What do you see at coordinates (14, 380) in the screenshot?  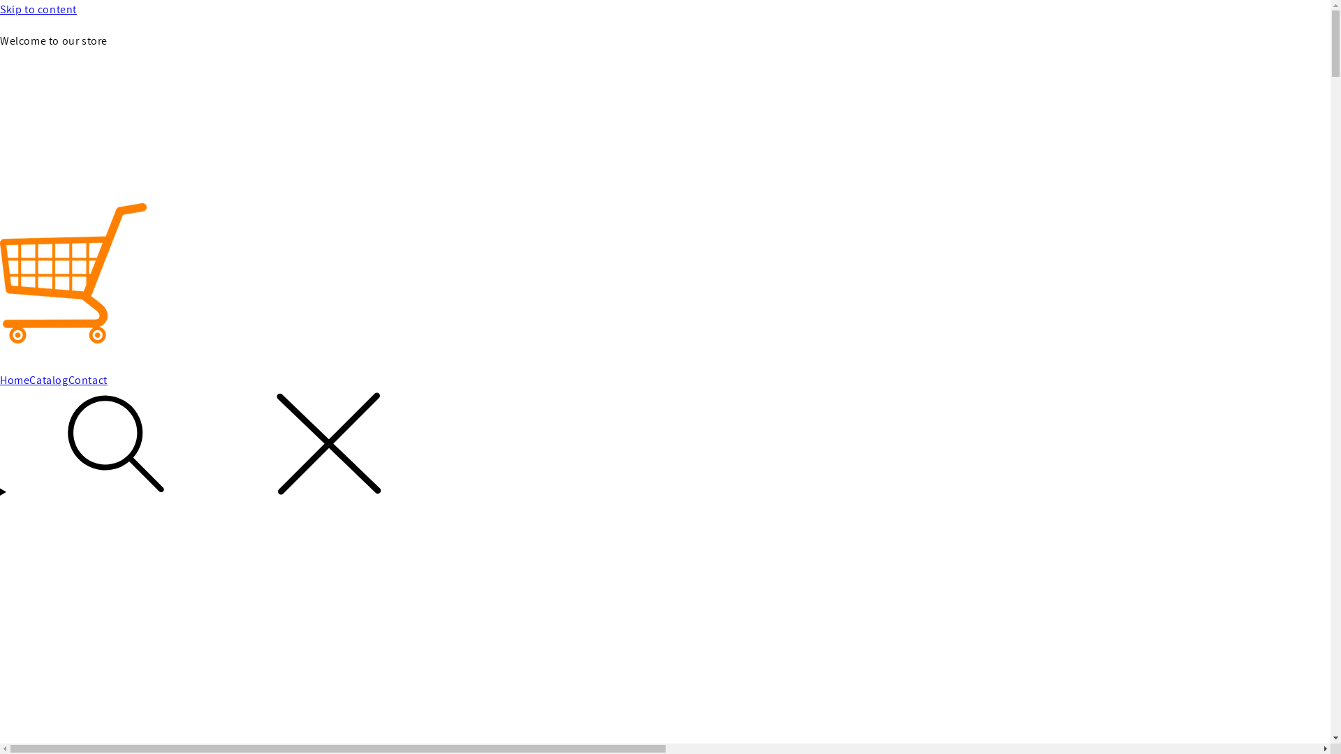 I see `'Home'` at bounding box center [14, 380].